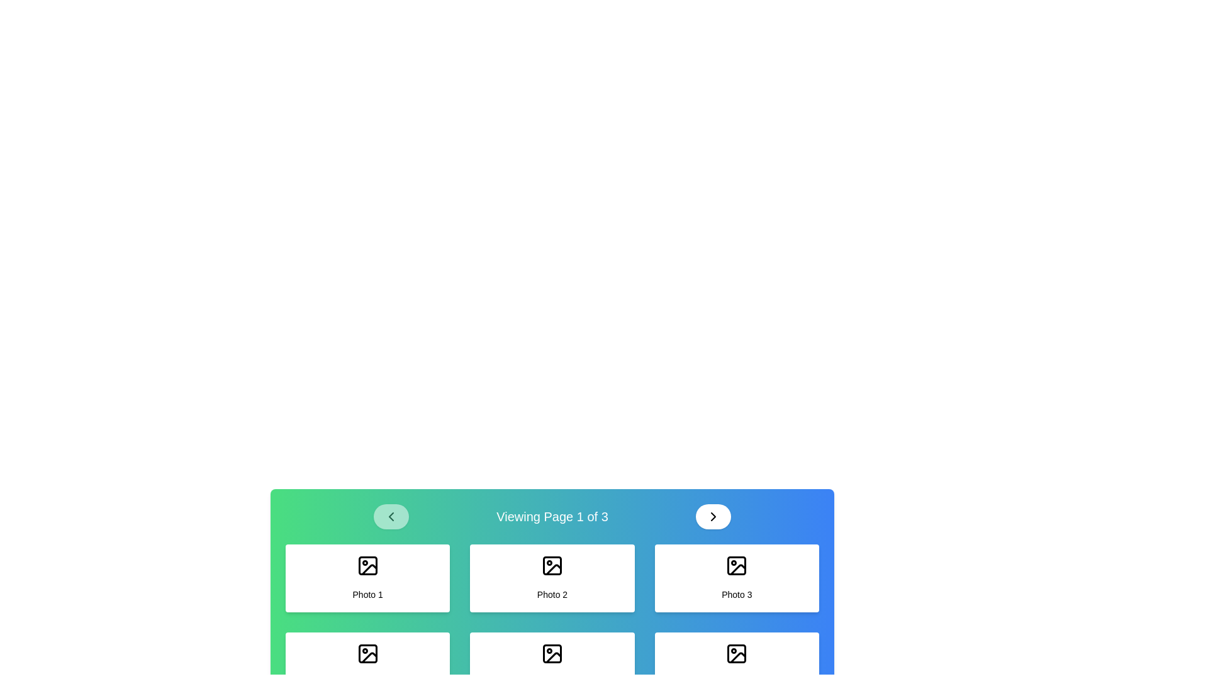  Describe the element at coordinates (367, 653) in the screenshot. I see `the square icon with a line-art image representation labeled 'Photo 4'` at that location.